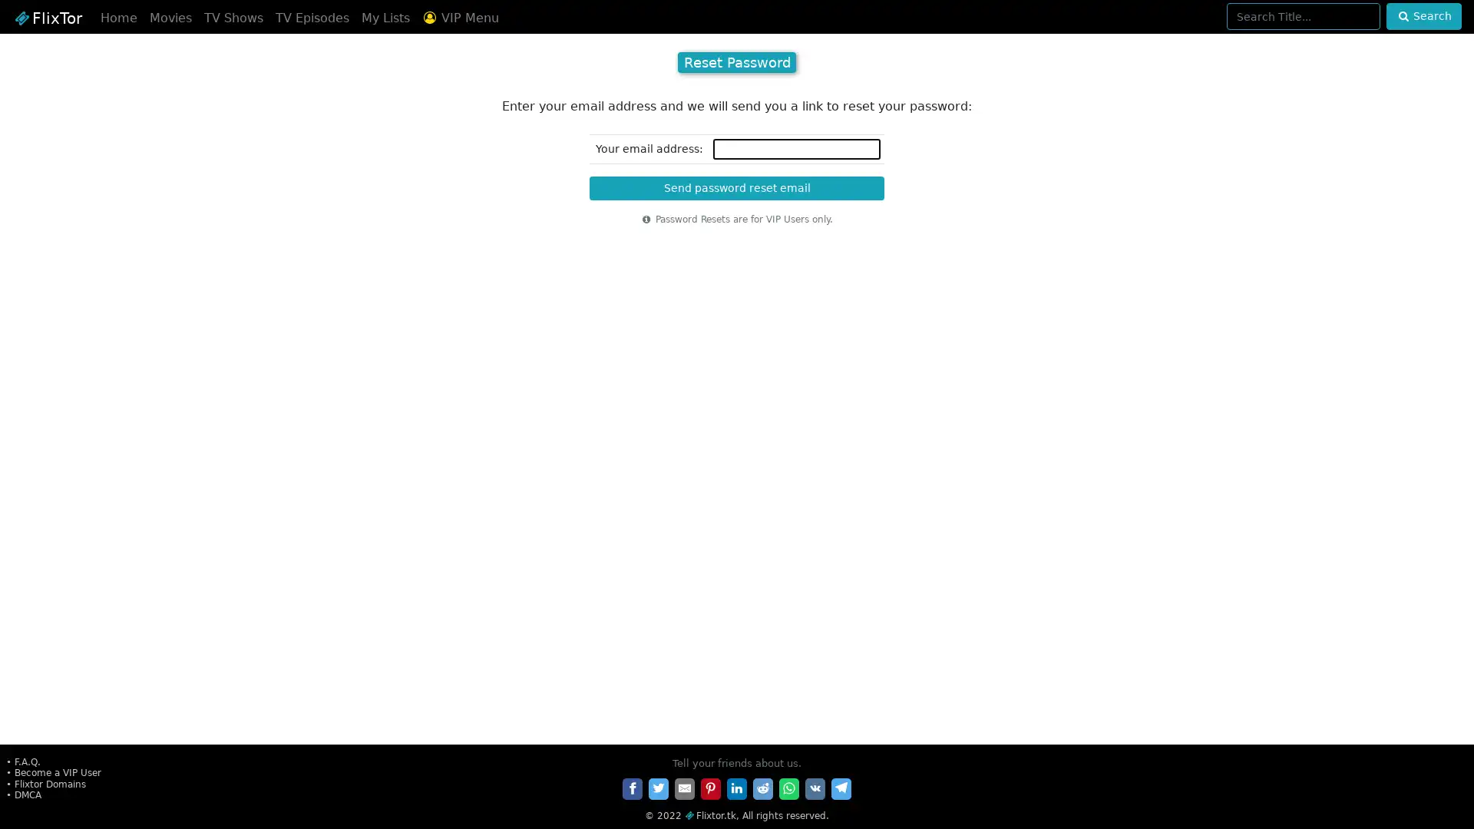 Image resolution: width=1474 pixels, height=829 pixels. I want to click on Send password reset email, so click(737, 187).